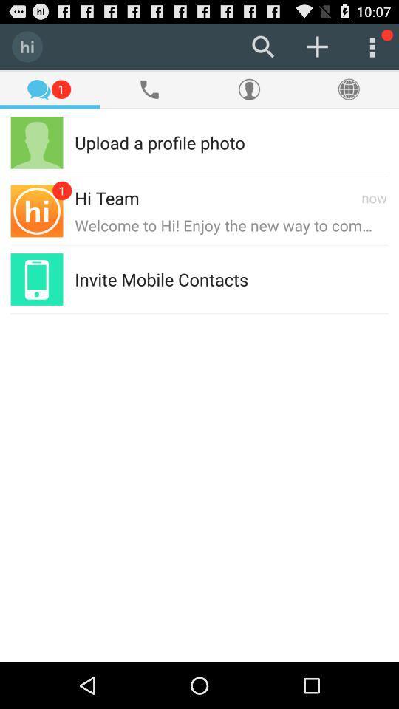  Describe the element at coordinates (231, 225) in the screenshot. I see `welcome to hi app` at that location.